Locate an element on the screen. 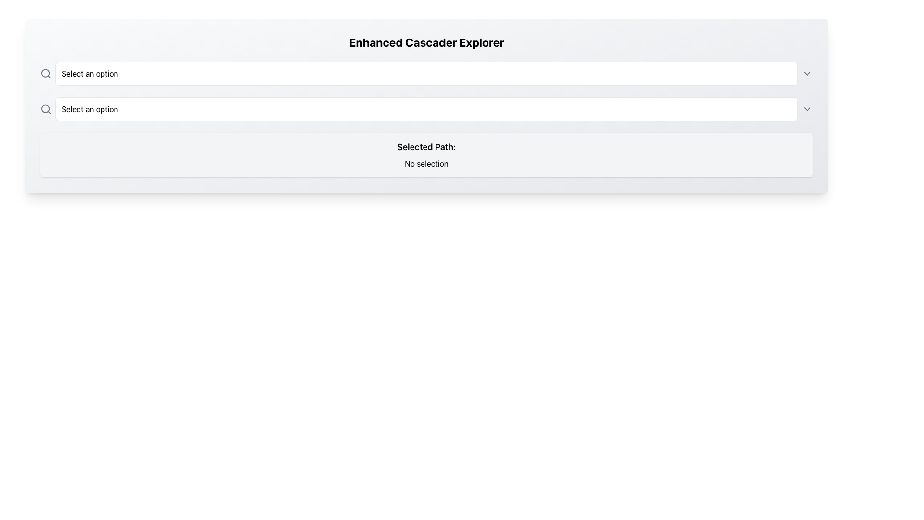  the Dropdown icon located on the far right of the input field below the header label 'Enhanced Cascader Explorer' is located at coordinates (807, 73).